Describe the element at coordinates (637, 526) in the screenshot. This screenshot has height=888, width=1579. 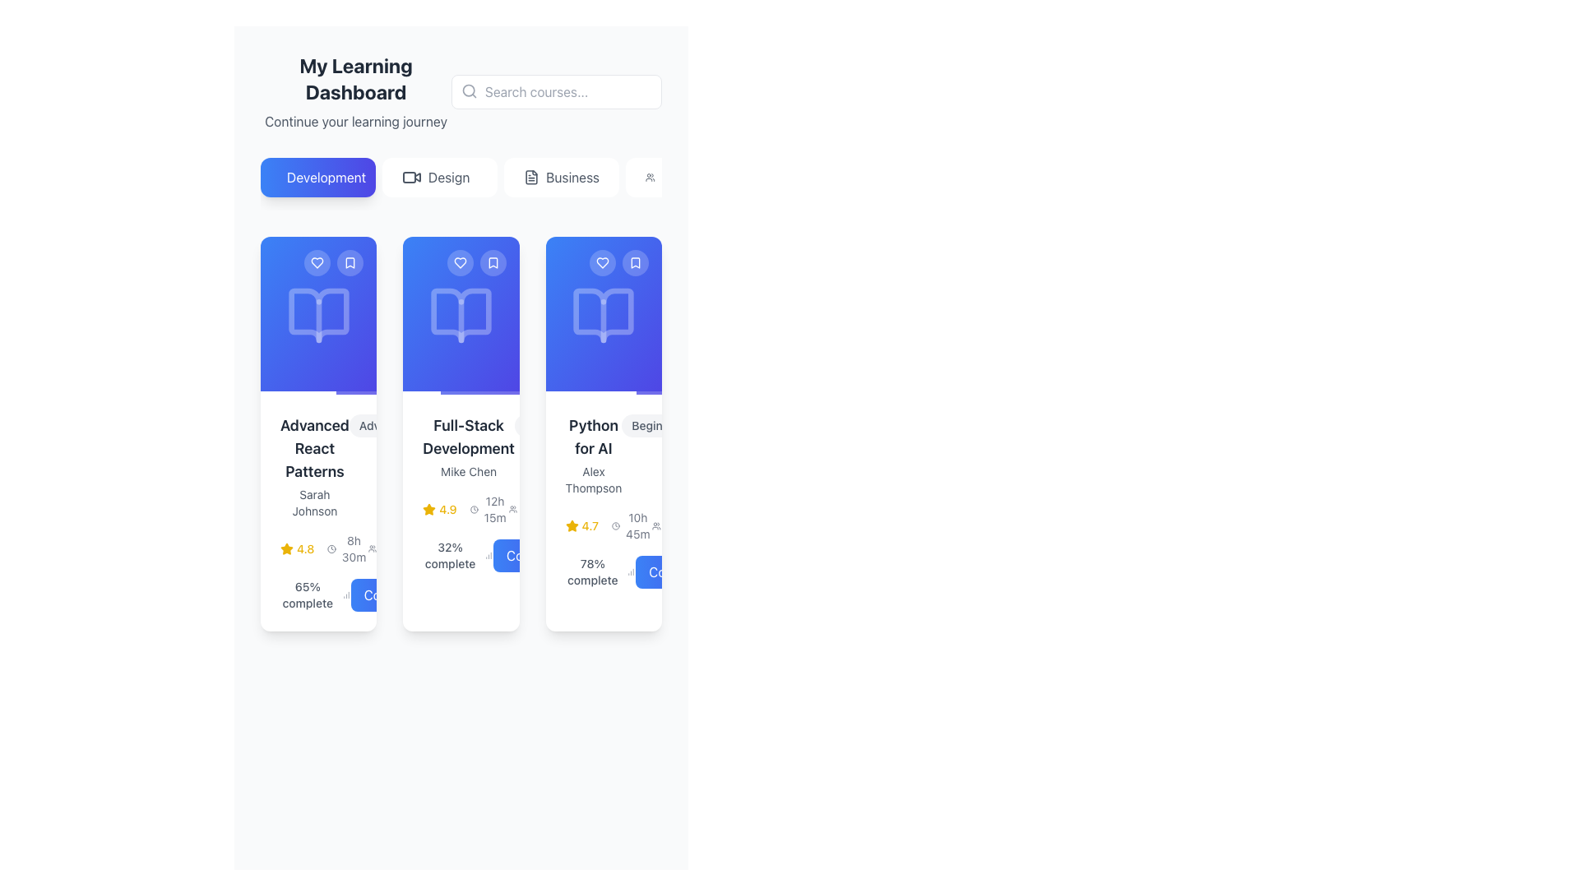
I see `duration details provided by the text label located in the bottom right section of the third course card, adjacent to a clock icon` at that location.